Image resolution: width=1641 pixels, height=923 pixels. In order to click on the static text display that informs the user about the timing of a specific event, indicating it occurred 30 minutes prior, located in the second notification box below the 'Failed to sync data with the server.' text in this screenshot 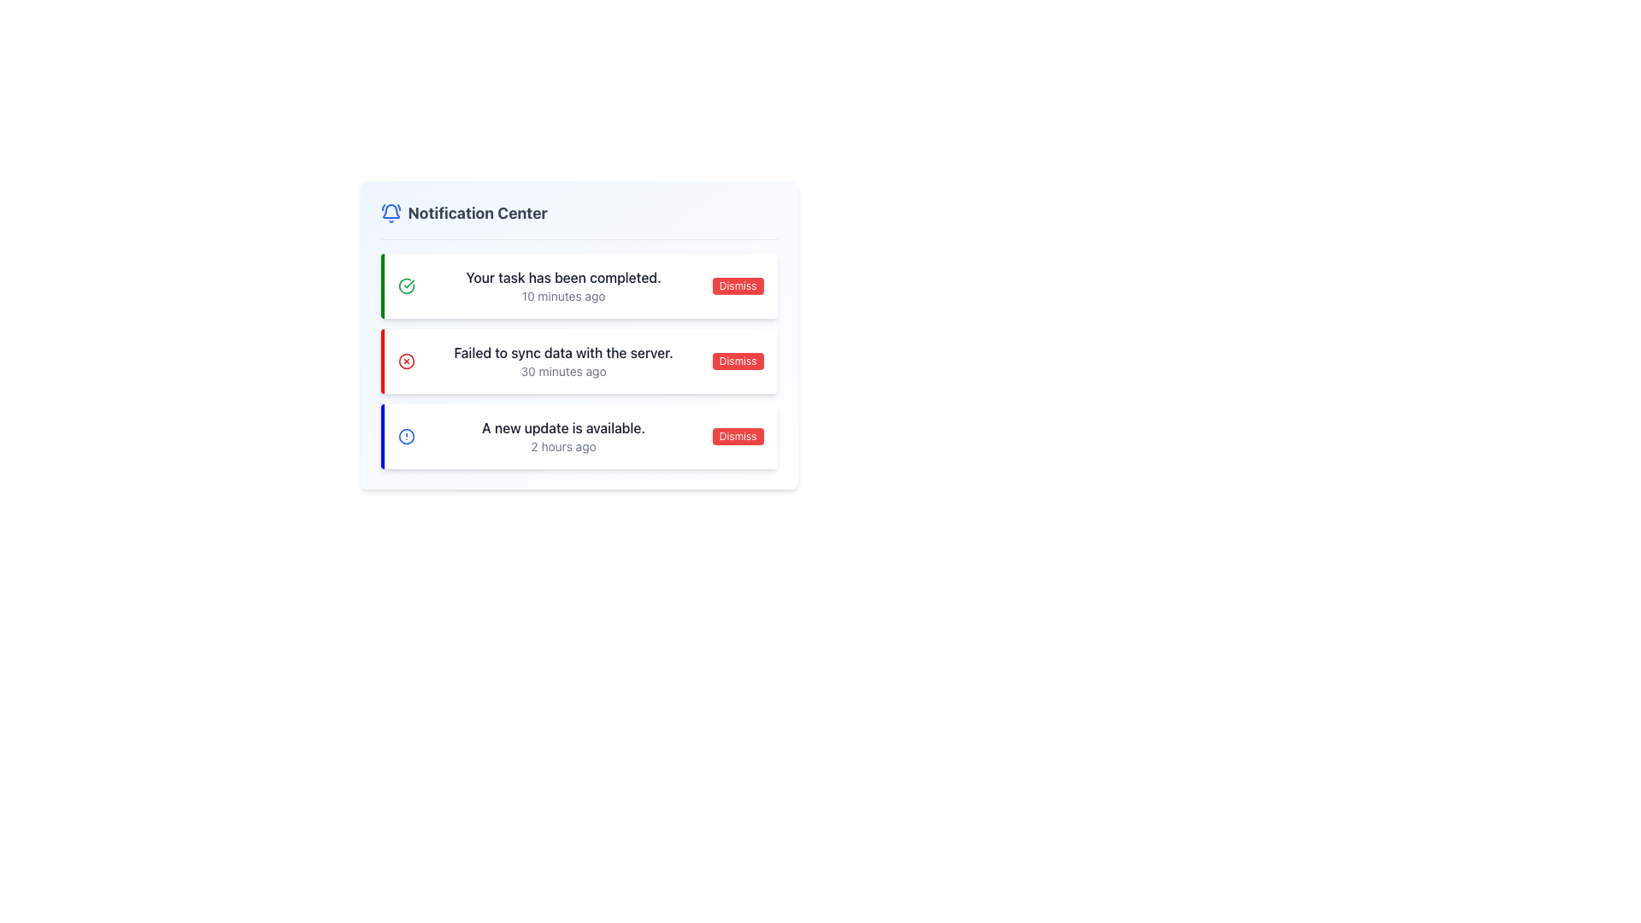, I will do `click(563, 371)`.